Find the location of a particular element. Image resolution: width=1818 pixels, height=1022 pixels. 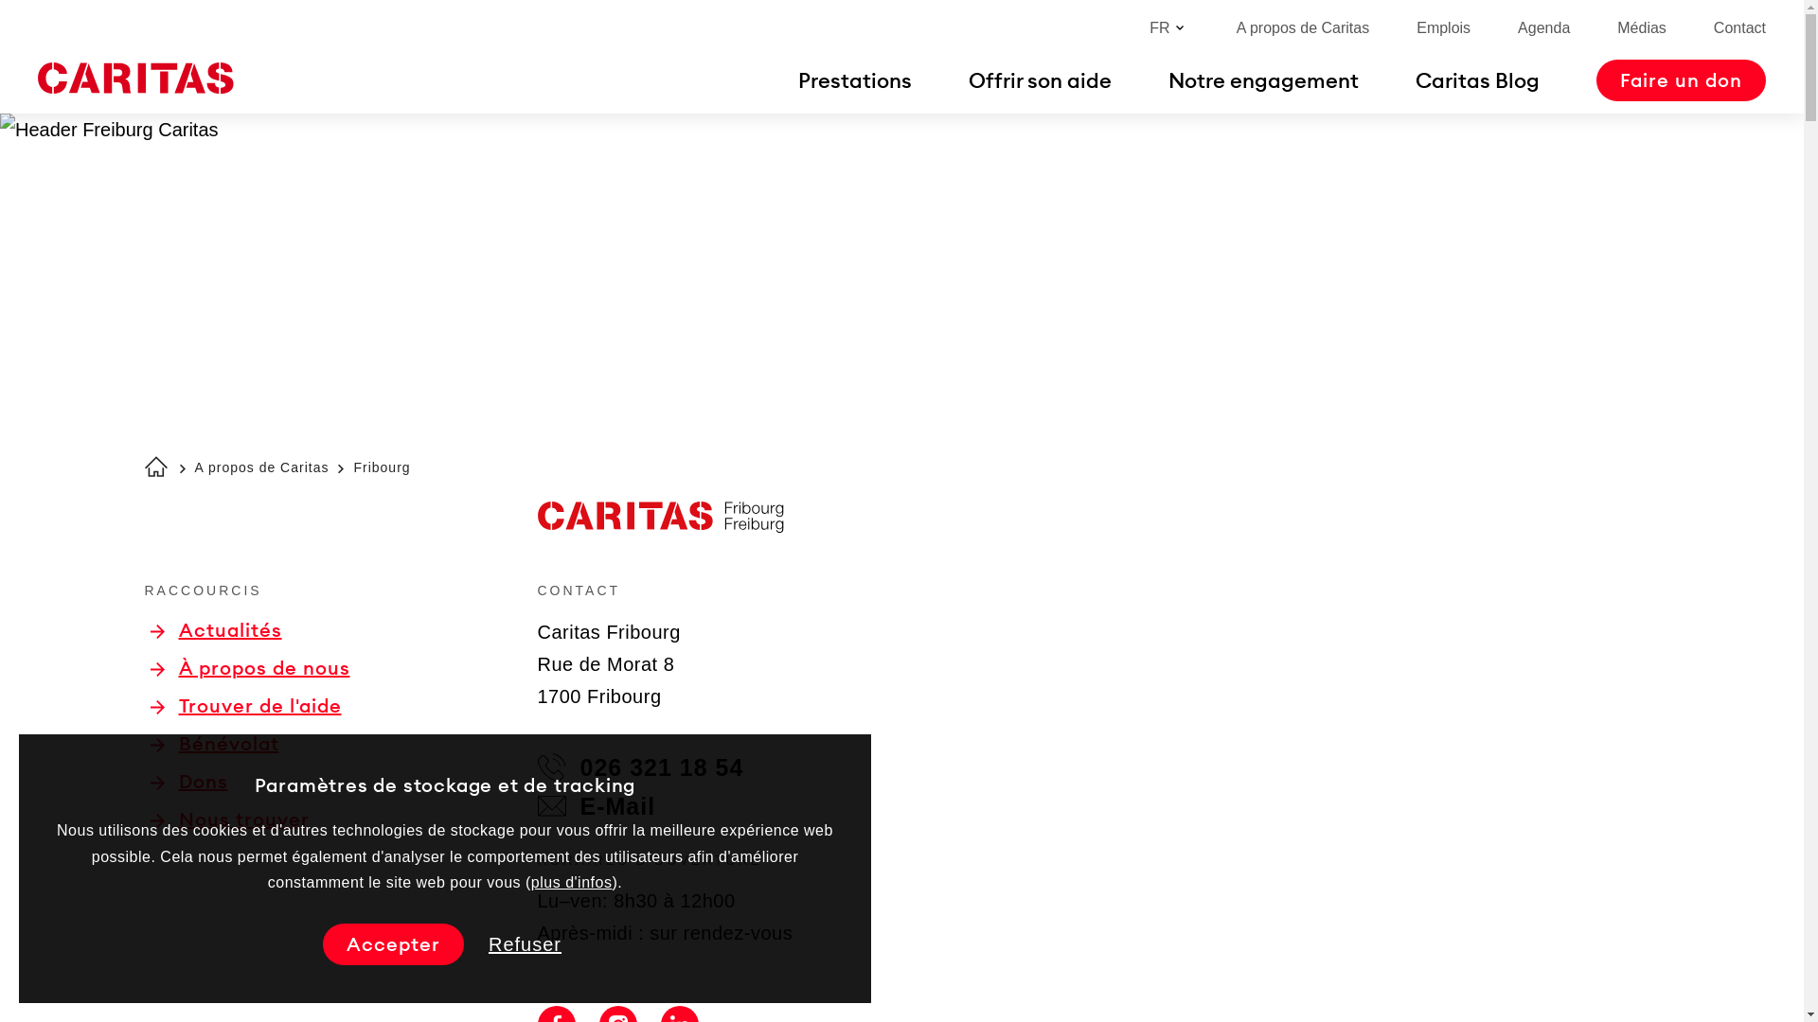

'plus d'infos' is located at coordinates (571, 882).